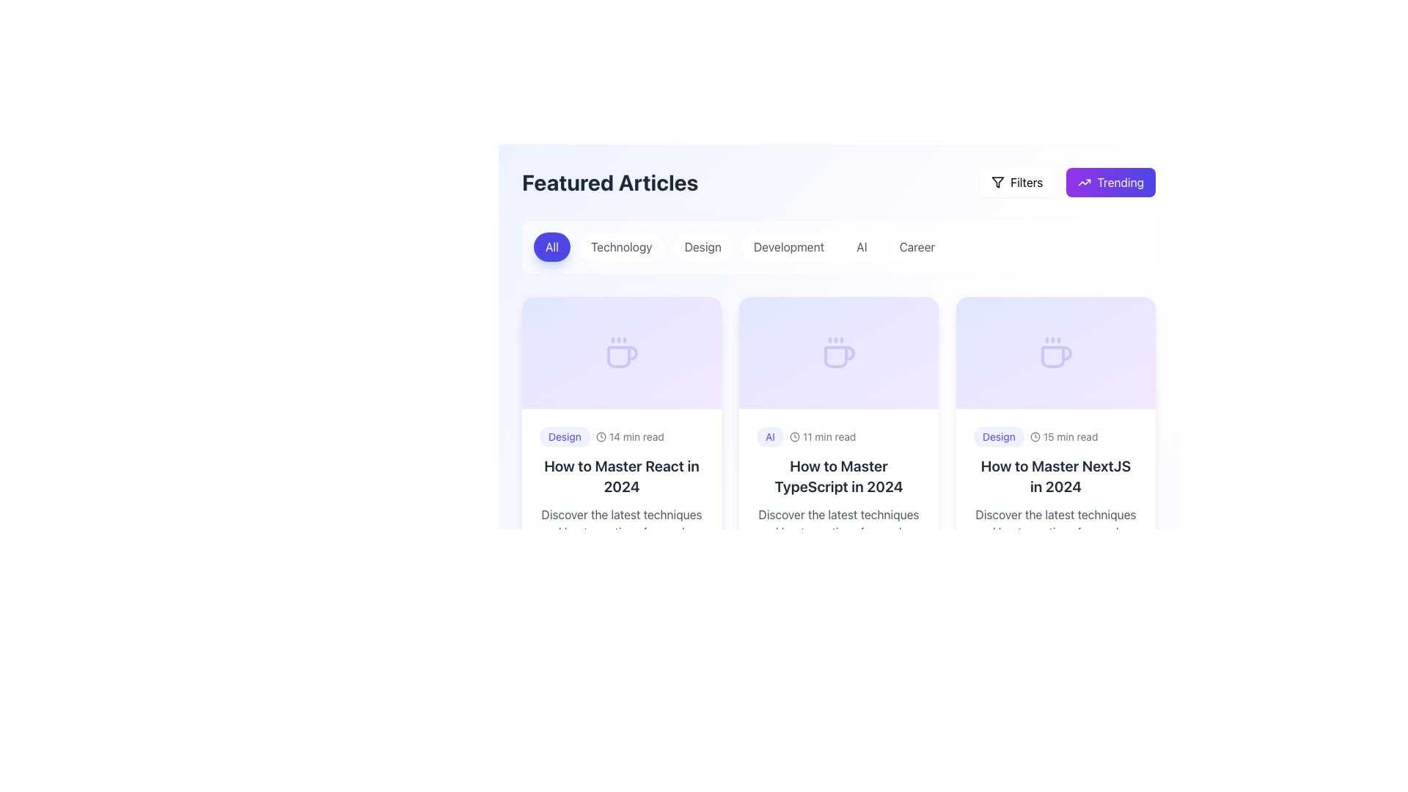  Describe the element at coordinates (840, 356) in the screenshot. I see `the coffee-cup icon located in the top-center region of the article card titled 'How to Master TypeScript in 2024'` at that location.